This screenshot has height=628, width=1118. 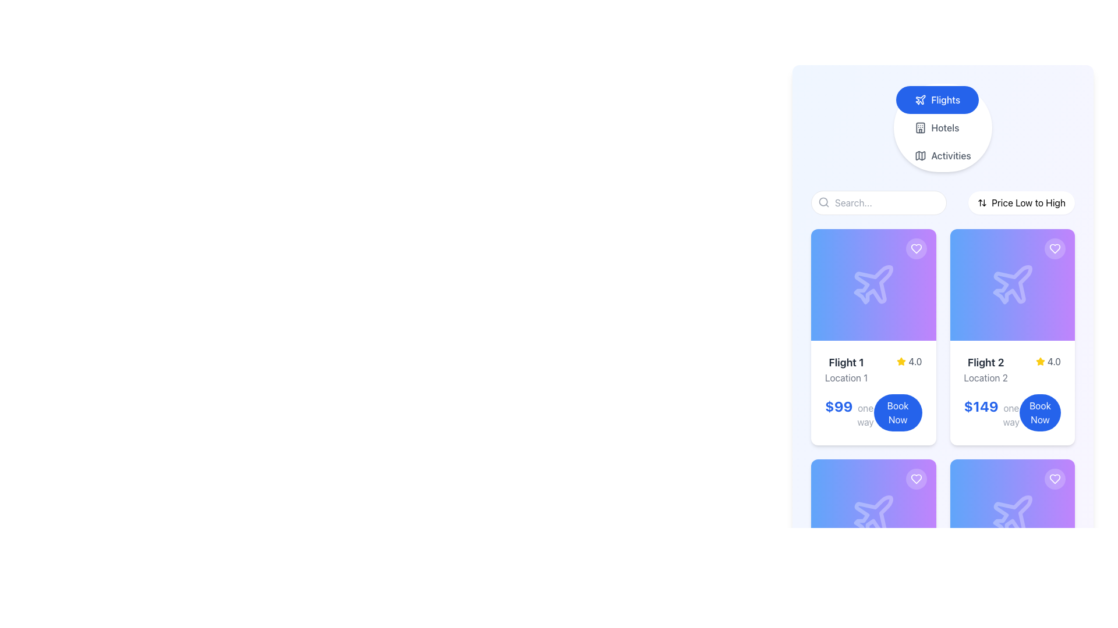 What do you see at coordinates (985, 370) in the screenshot?
I see `and interpret the text content of the title and location details in the Text block located at the top-left of the second card in the second column of the grid` at bounding box center [985, 370].